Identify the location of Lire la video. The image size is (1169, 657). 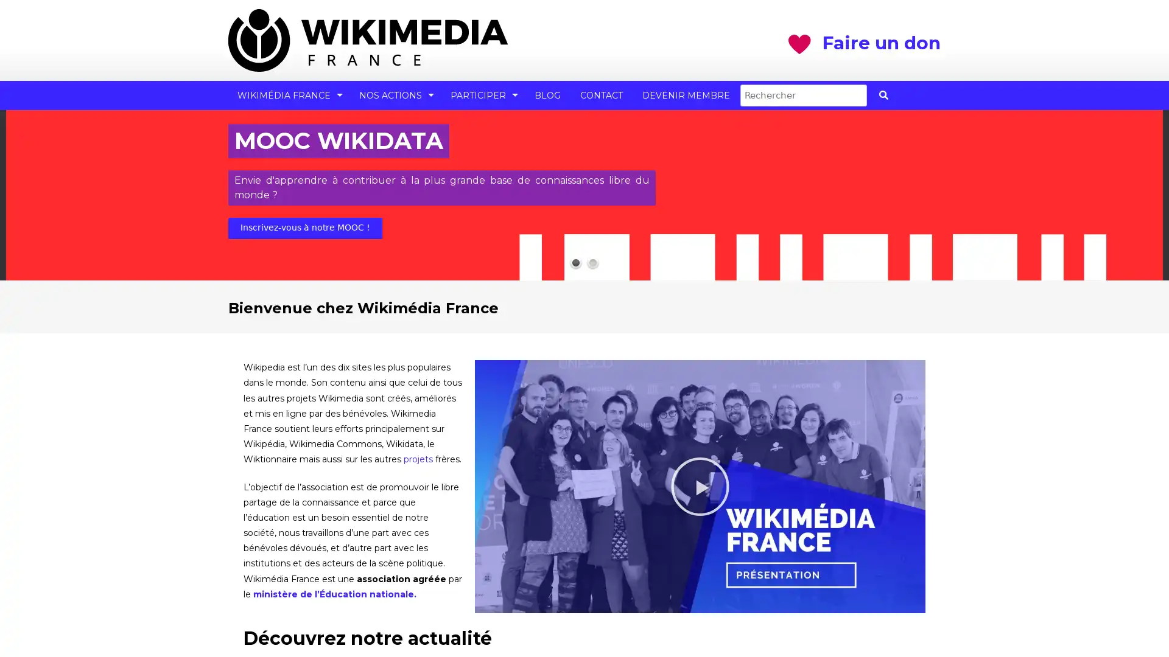
(699, 485).